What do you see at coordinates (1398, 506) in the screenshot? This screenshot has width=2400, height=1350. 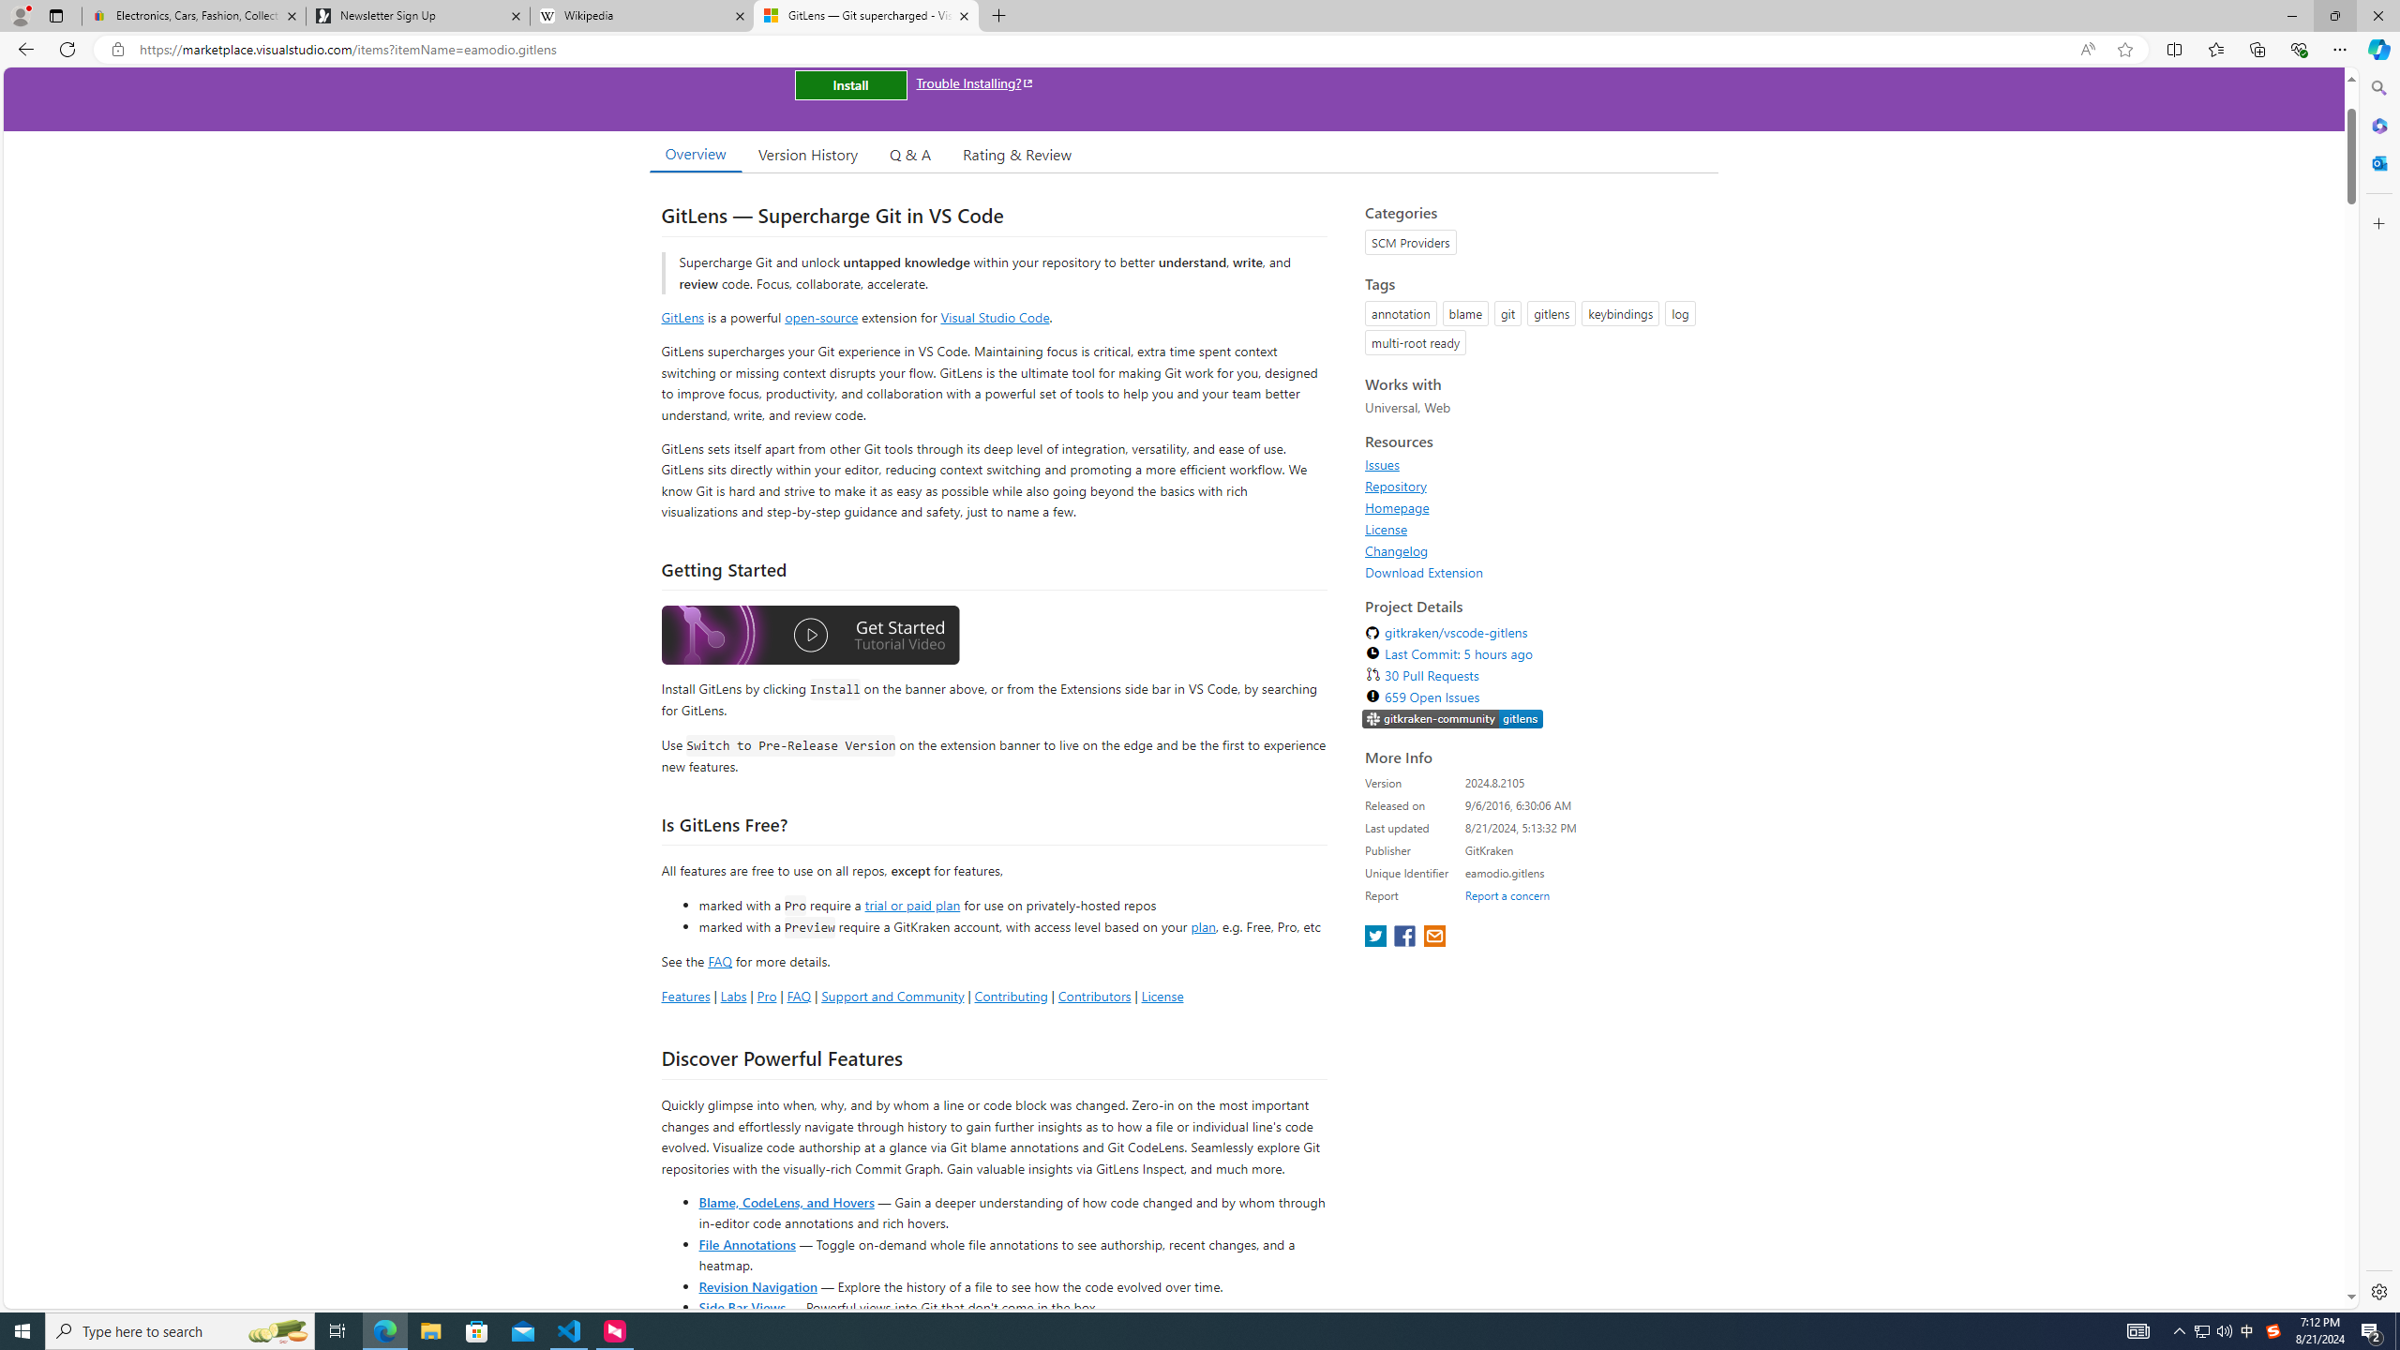 I see `'Homepage'` at bounding box center [1398, 506].